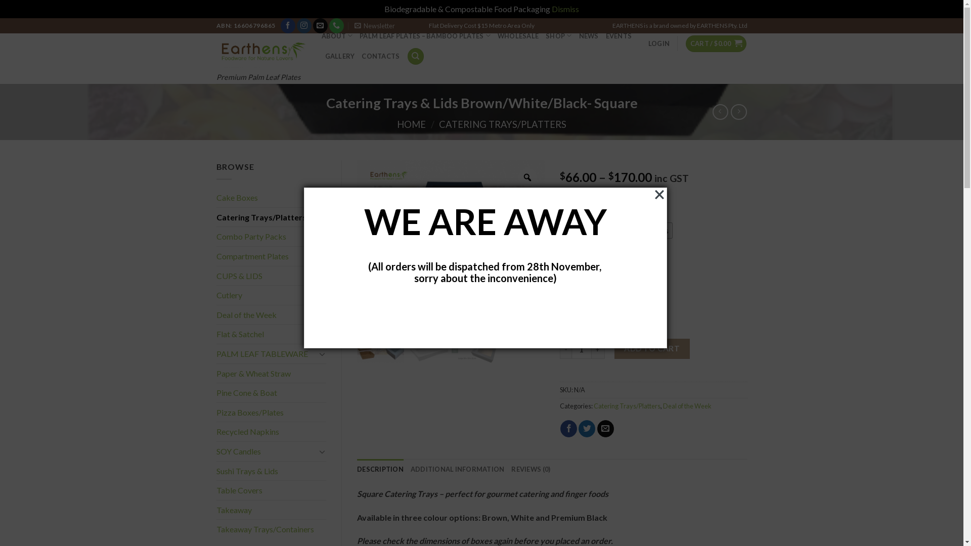  Describe the element at coordinates (329, 25) in the screenshot. I see `'Call us'` at that location.